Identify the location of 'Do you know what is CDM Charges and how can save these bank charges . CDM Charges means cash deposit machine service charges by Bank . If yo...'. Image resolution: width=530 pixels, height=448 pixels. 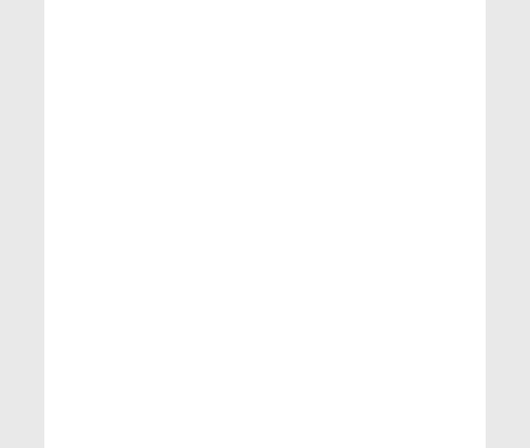
(425, 148).